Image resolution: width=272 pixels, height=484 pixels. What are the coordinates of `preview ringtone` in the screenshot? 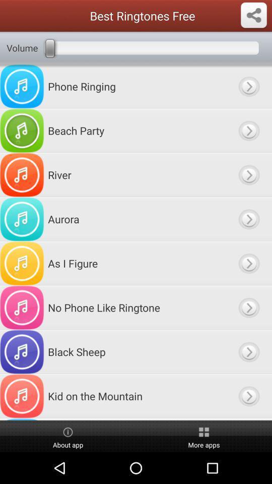 It's located at (248, 263).